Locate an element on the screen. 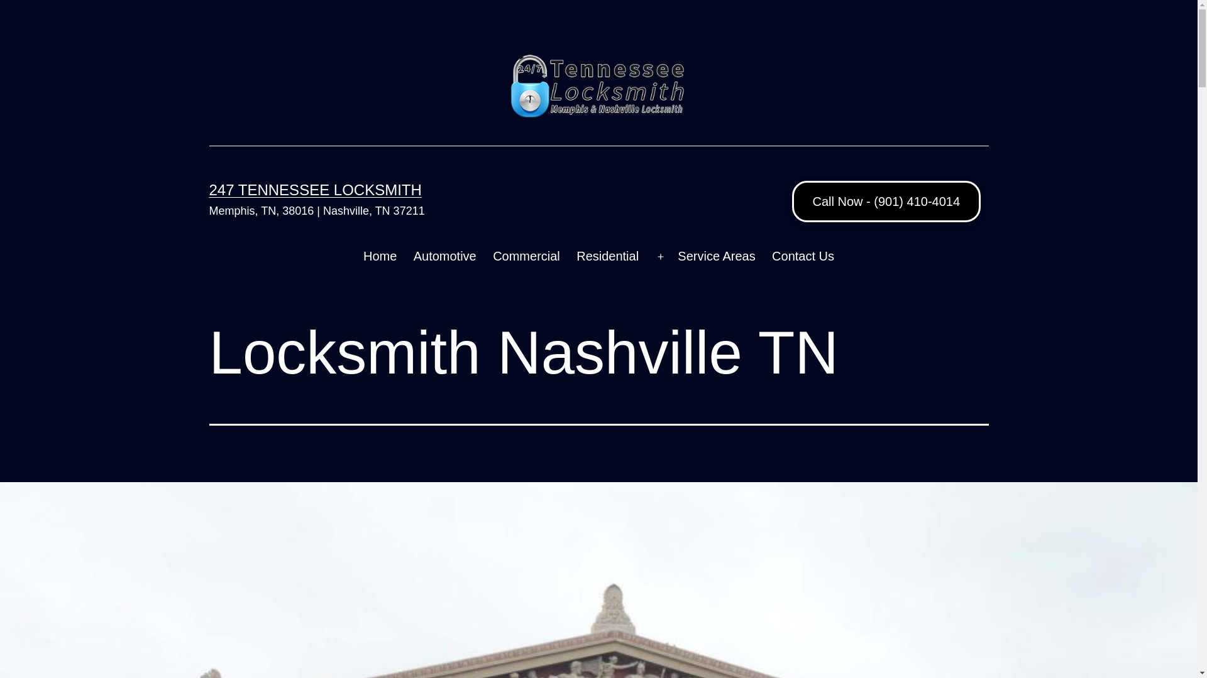 This screenshot has height=678, width=1207. 'Home' is located at coordinates (379, 256).